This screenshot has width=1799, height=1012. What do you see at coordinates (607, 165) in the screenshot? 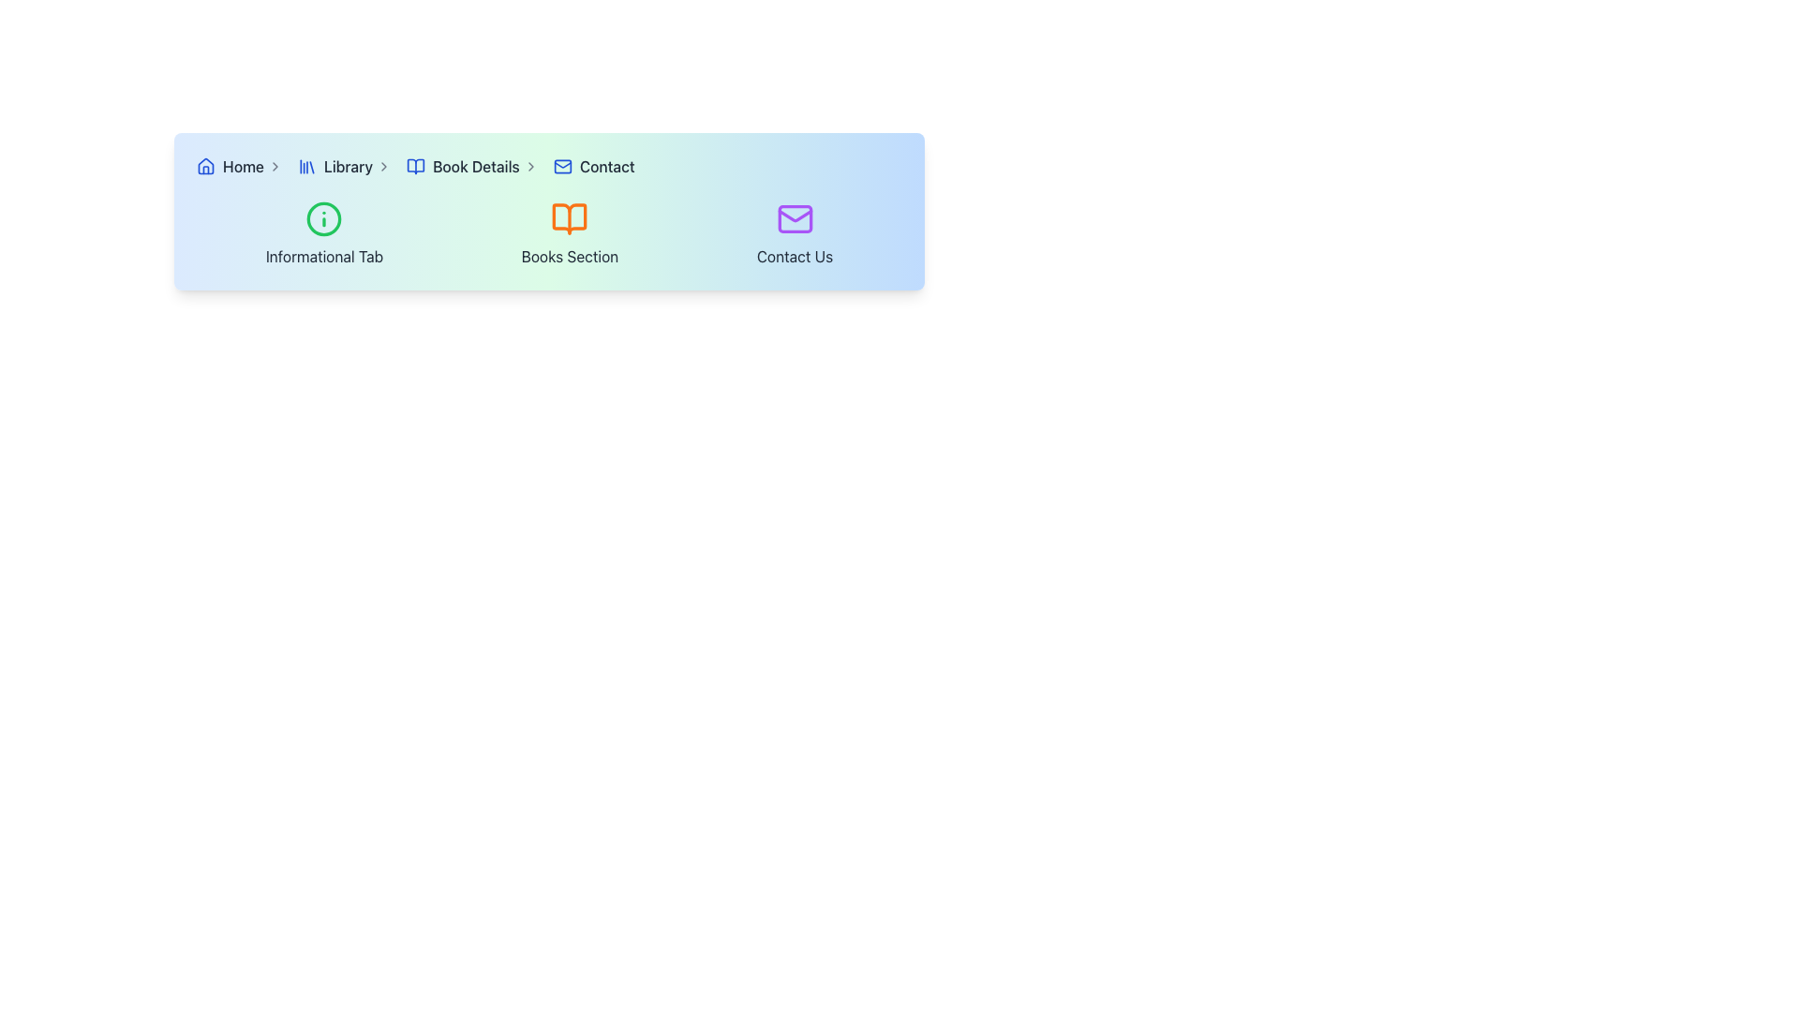
I see `the 'Contact' link element, which is a text label in gray that turns blue on hover and is paired with a small mail icon` at bounding box center [607, 165].